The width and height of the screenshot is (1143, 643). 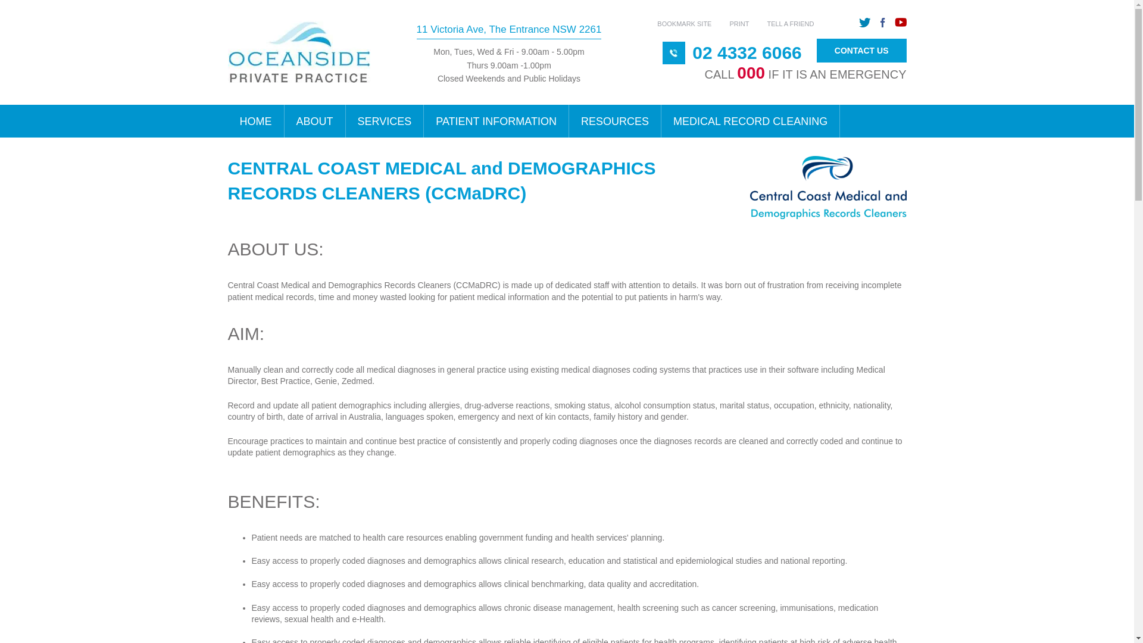 What do you see at coordinates (816, 50) in the screenshot?
I see `'CONTACT US'` at bounding box center [816, 50].